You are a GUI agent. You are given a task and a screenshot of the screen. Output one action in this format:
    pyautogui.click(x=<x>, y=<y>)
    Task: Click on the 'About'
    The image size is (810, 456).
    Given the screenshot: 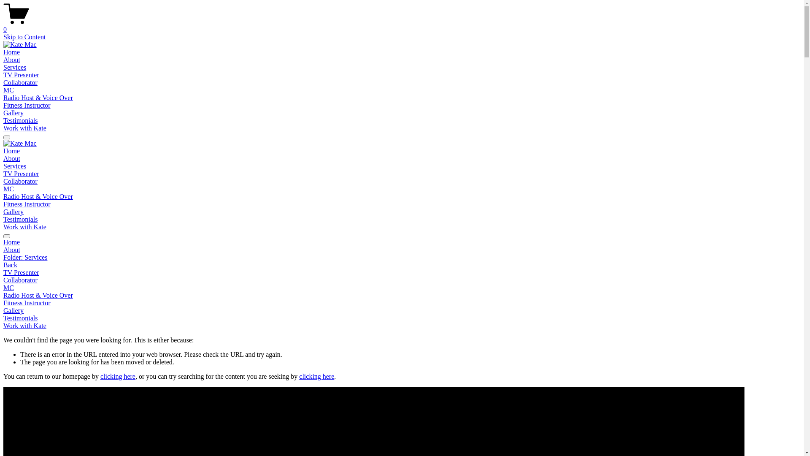 What is the action you would take?
    pyautogui.click(x=3, y=249)
    